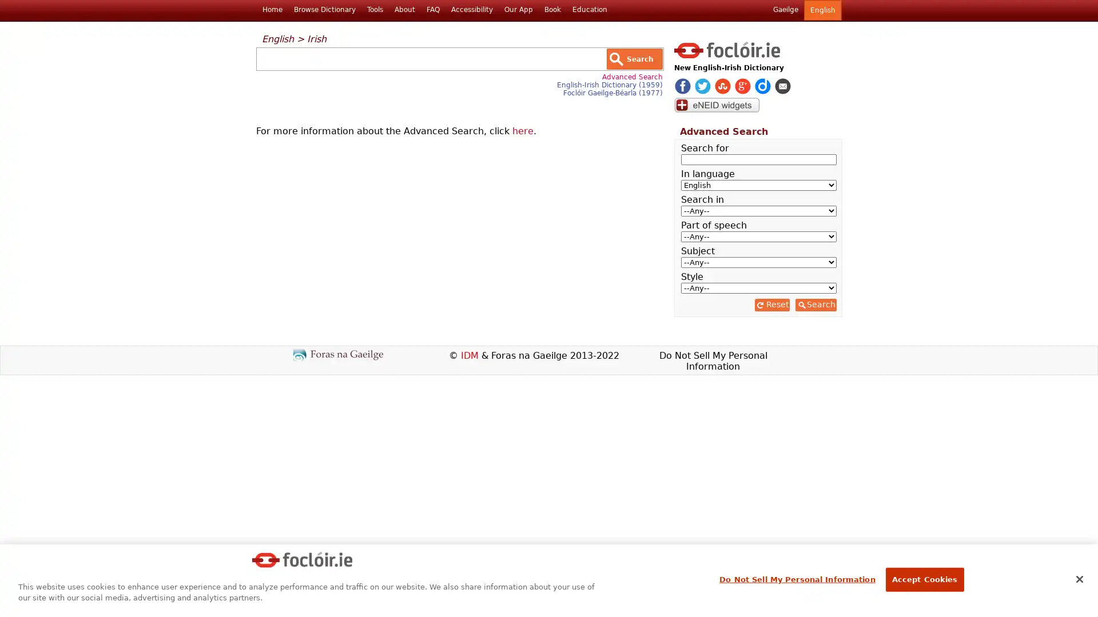  I want to click on Reset, so click(771, 304).